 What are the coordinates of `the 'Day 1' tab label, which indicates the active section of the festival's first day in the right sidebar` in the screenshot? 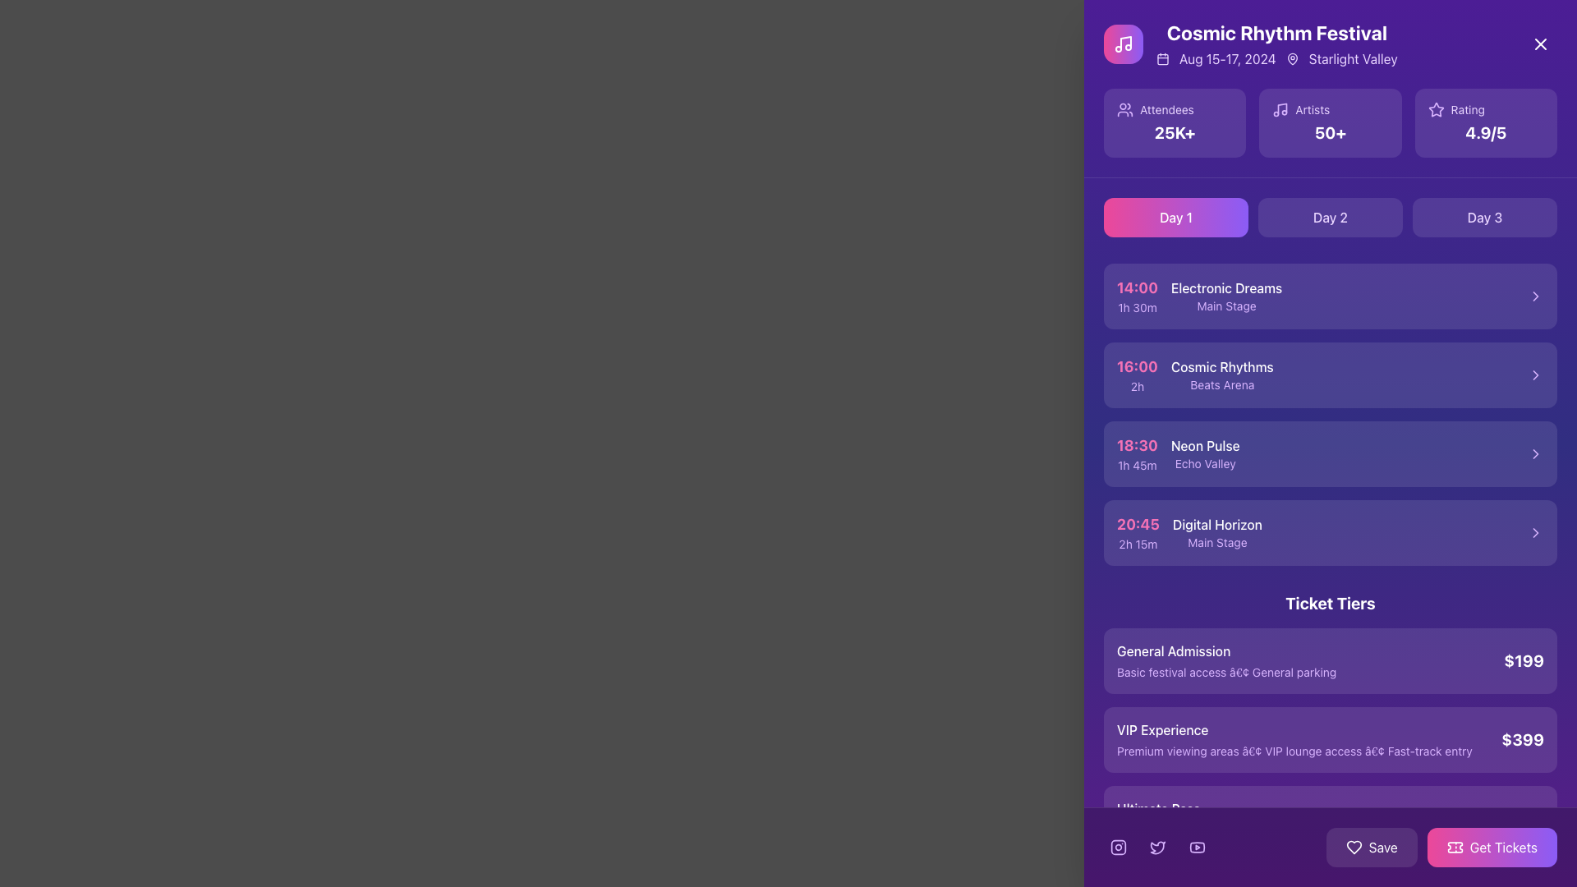 It's located at (1175, 217).